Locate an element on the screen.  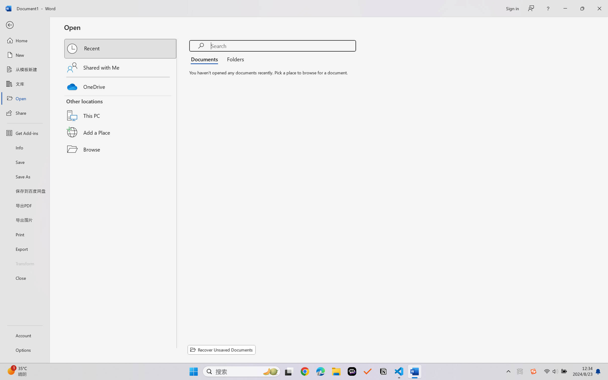
'Documents' is located at coordinates (206, 59).